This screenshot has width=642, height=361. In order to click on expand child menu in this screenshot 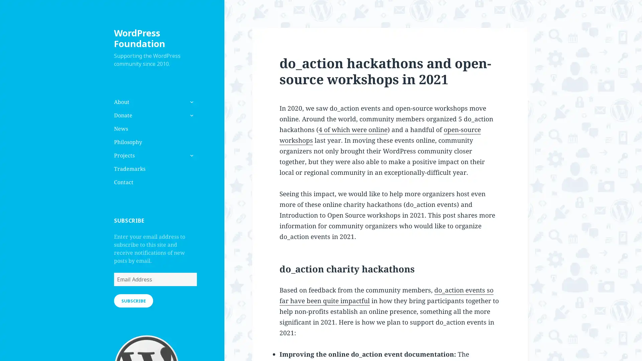, I will do `click(191, 155)`.